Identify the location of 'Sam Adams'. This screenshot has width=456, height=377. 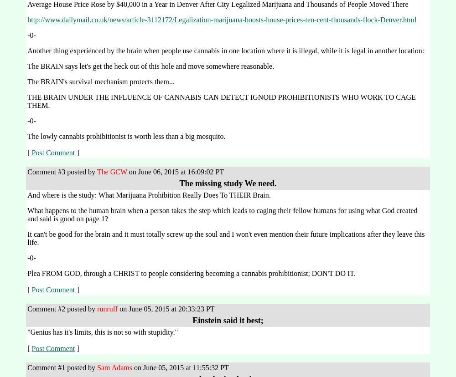
(114, 367).